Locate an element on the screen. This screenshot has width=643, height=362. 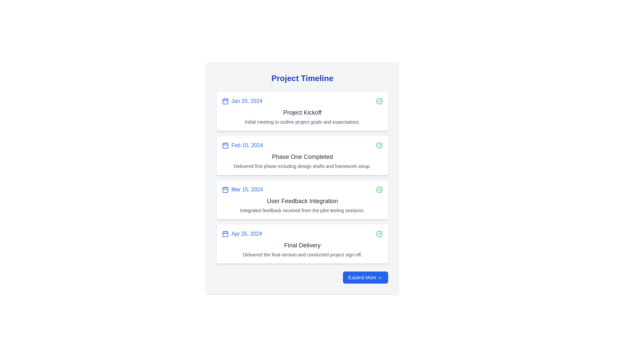
text element containing 'Delivered first phase including design drafts and framework setup.' located in the second section of the vertical timeline, which is centered horizontally in the right-aligned area of the timeline entry box is located at coordinates (302, 166).